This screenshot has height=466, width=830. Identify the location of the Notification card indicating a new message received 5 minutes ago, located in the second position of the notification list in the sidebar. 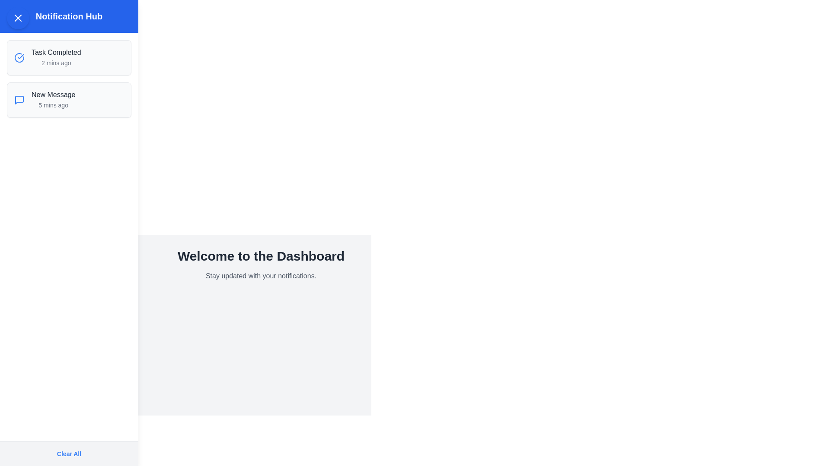
(68, 99).